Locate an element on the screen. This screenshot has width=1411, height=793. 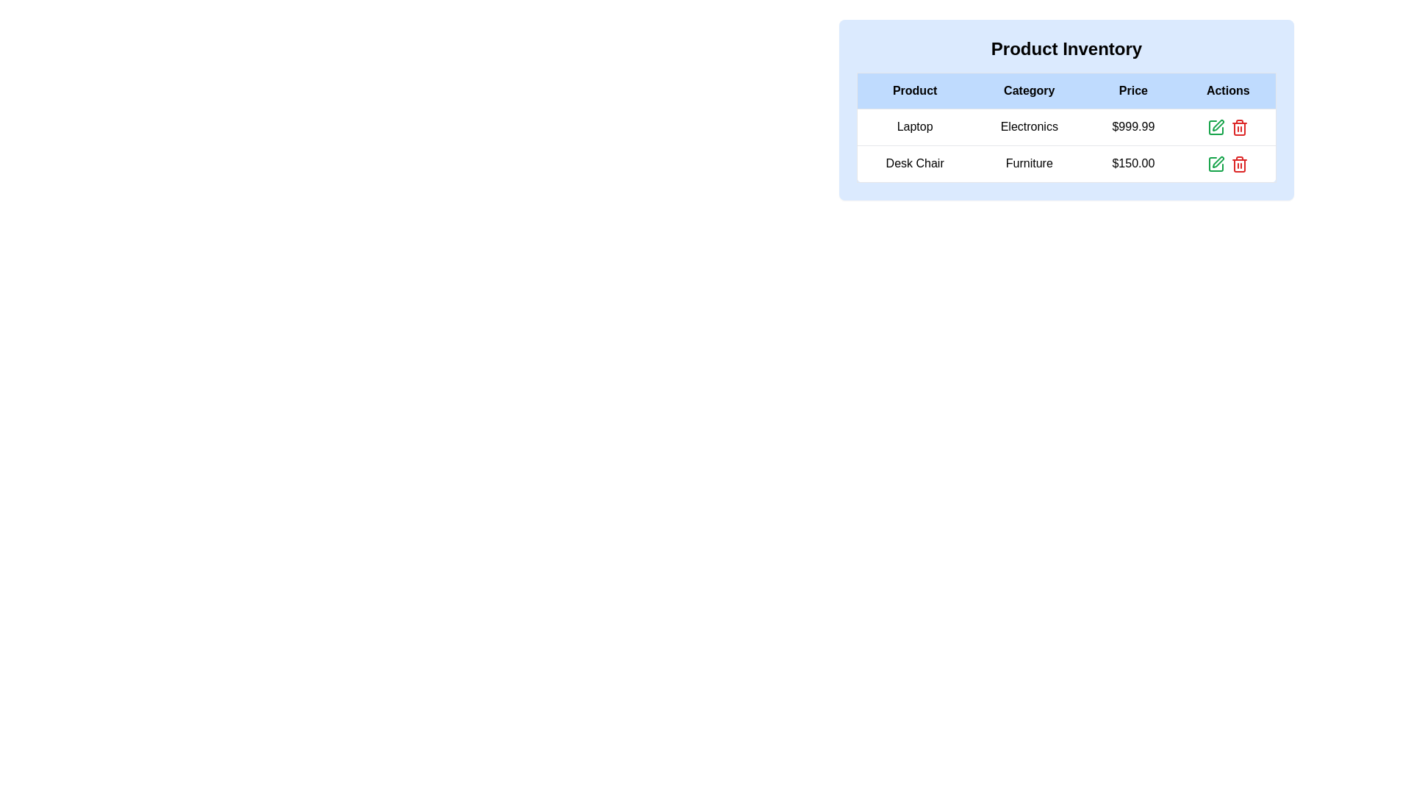
the edit button with an icon located in the 'Actions' column of the second row for the entry 'Desk Chair' is located at coordinates (1216, 126).